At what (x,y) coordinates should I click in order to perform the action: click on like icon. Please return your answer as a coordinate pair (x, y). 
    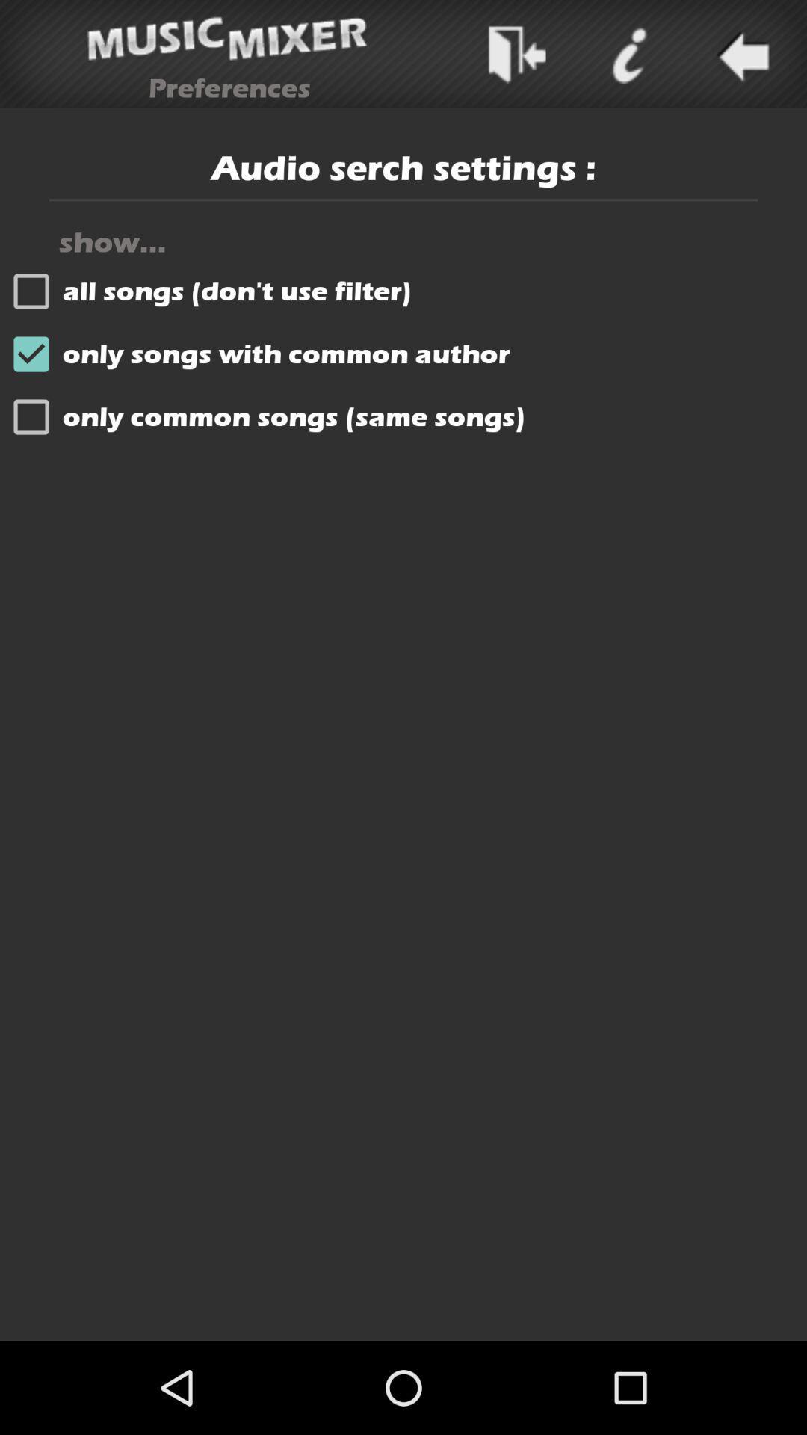
    Looking at the image, I should click on (628, 54).